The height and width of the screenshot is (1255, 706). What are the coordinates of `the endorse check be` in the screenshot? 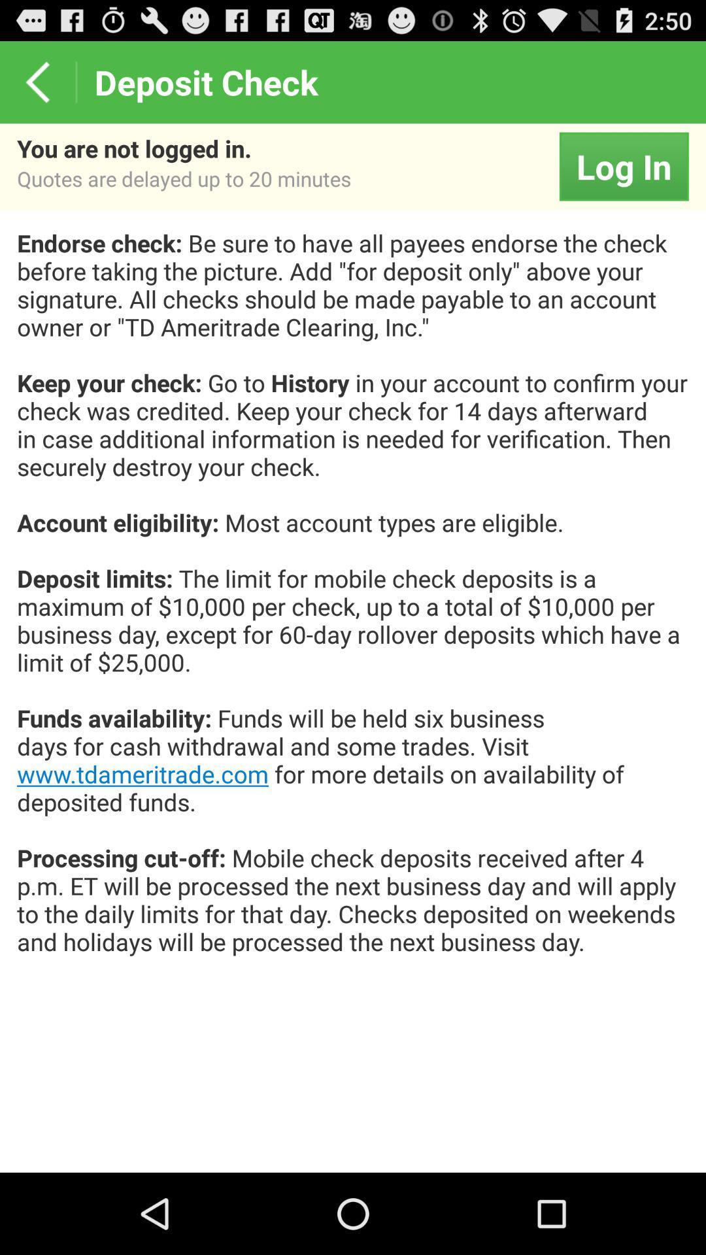 It's located at (353, 605).